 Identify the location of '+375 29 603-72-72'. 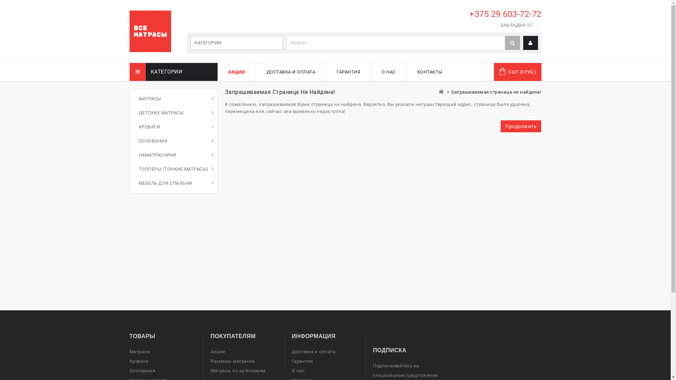
(467, 14).